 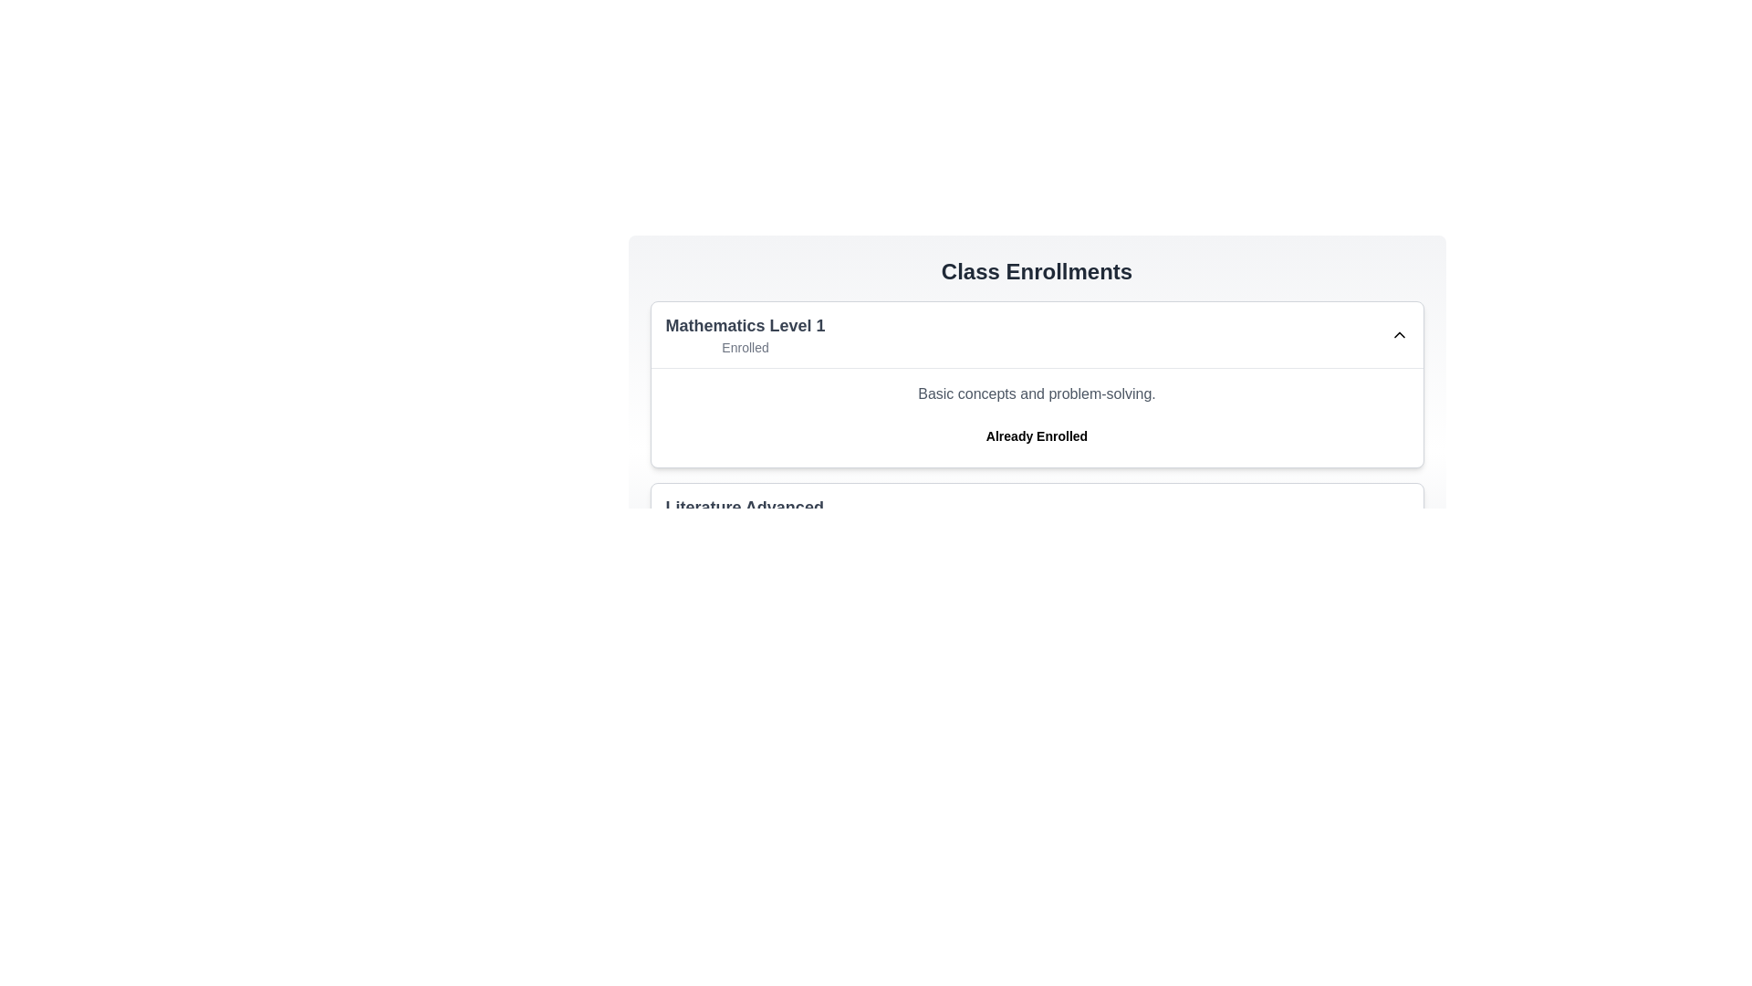 What do you see at coordinates (745, 507) in the screenshot?
I see `non-interactive text label 'Literature Advanced' which is prominently displayed in a bold font at the lower part of the interface` at bounding box center [745, 507].